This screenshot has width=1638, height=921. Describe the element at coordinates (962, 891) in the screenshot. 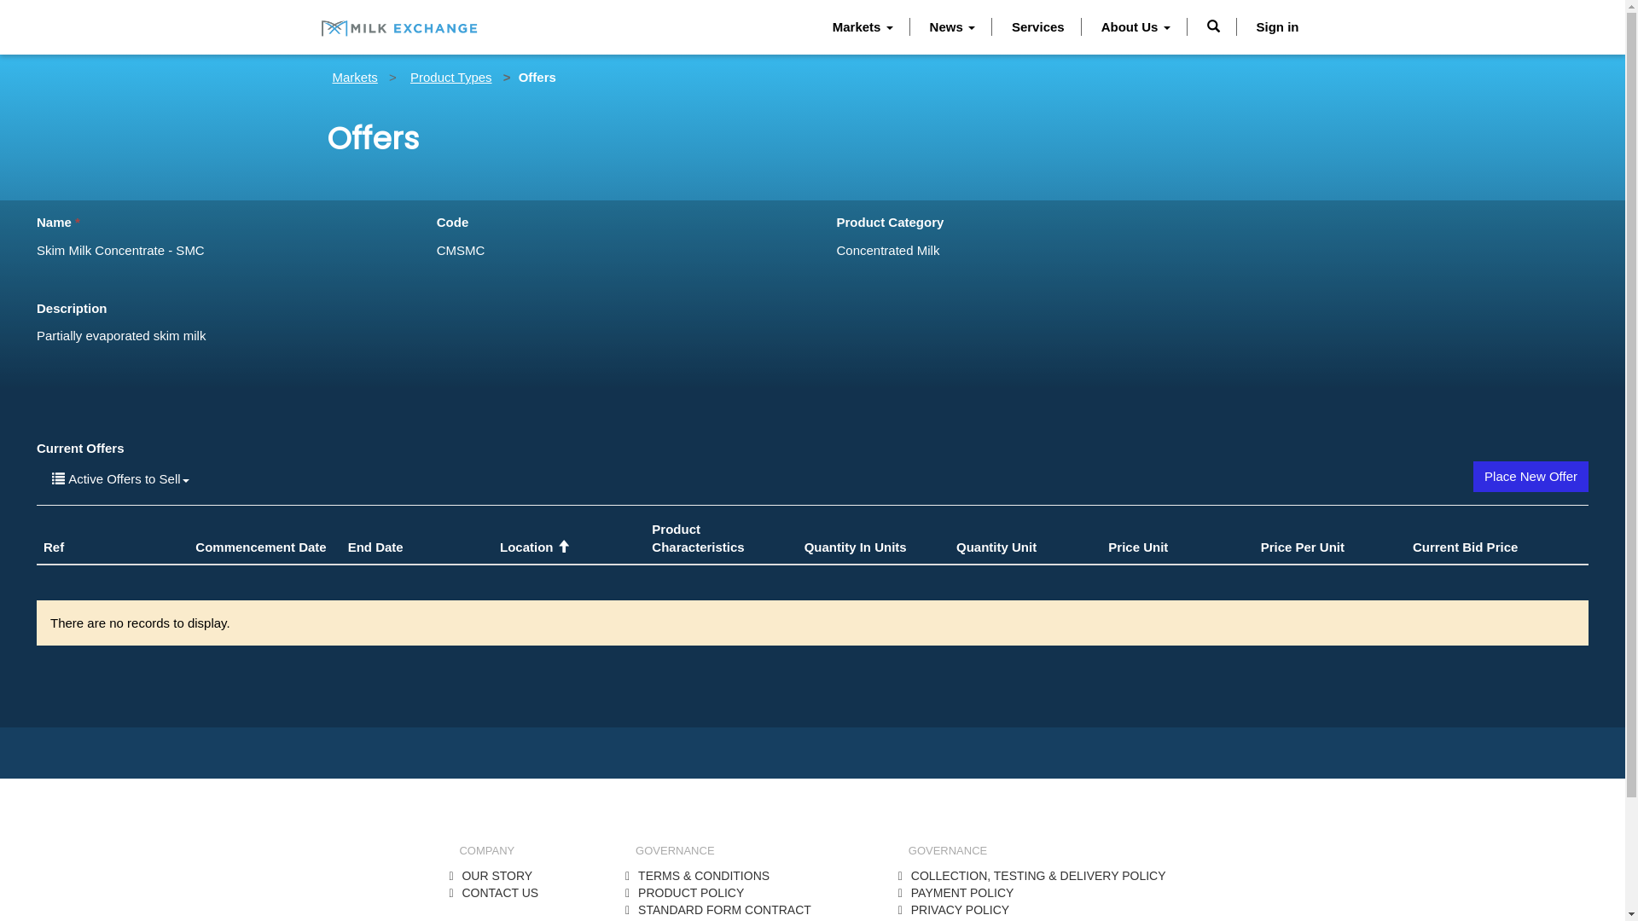

I see `'PAYMENT POLICY'` at that location.